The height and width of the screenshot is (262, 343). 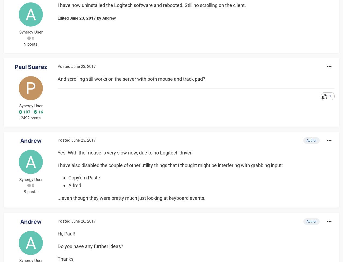 I want to click on '...even though they were pretty much just looking at keyboard events.', so click(x=132, y=198).